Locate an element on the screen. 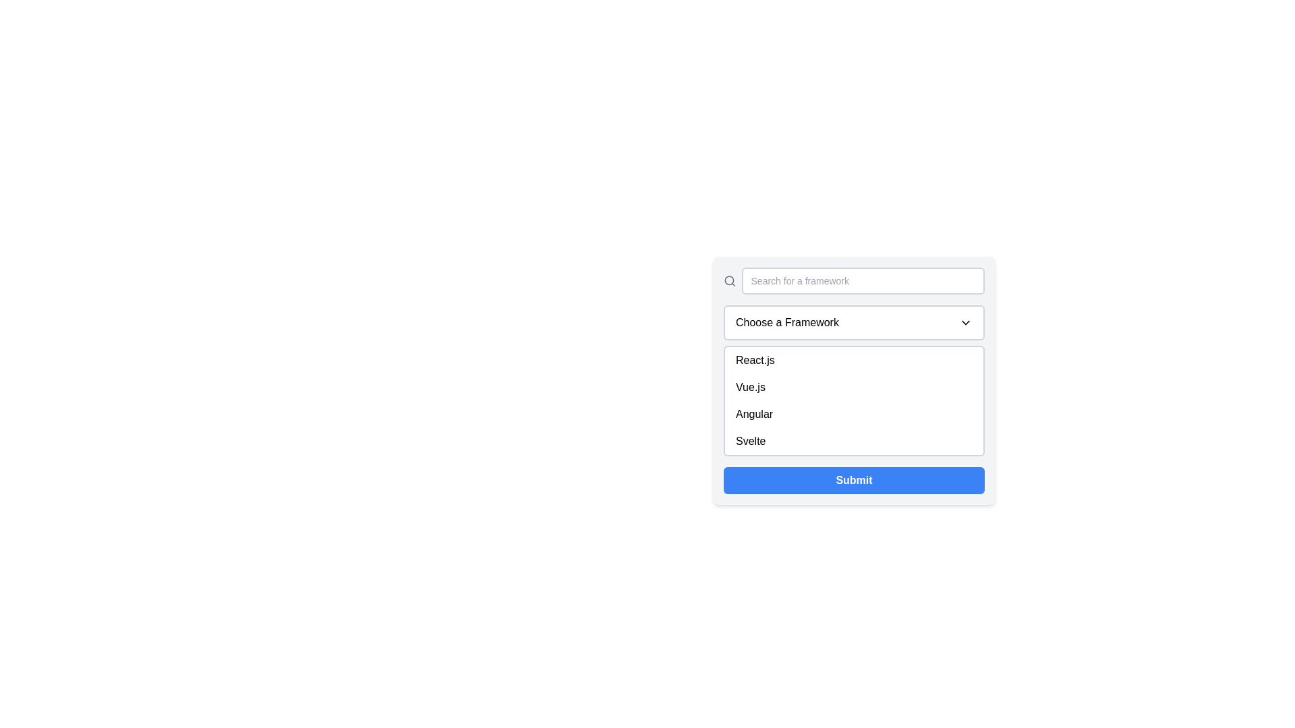  the text label indicating the purpose of the dropdown menu, which is located to the left of the downward arrow icon is located at coordinates (787, 322).